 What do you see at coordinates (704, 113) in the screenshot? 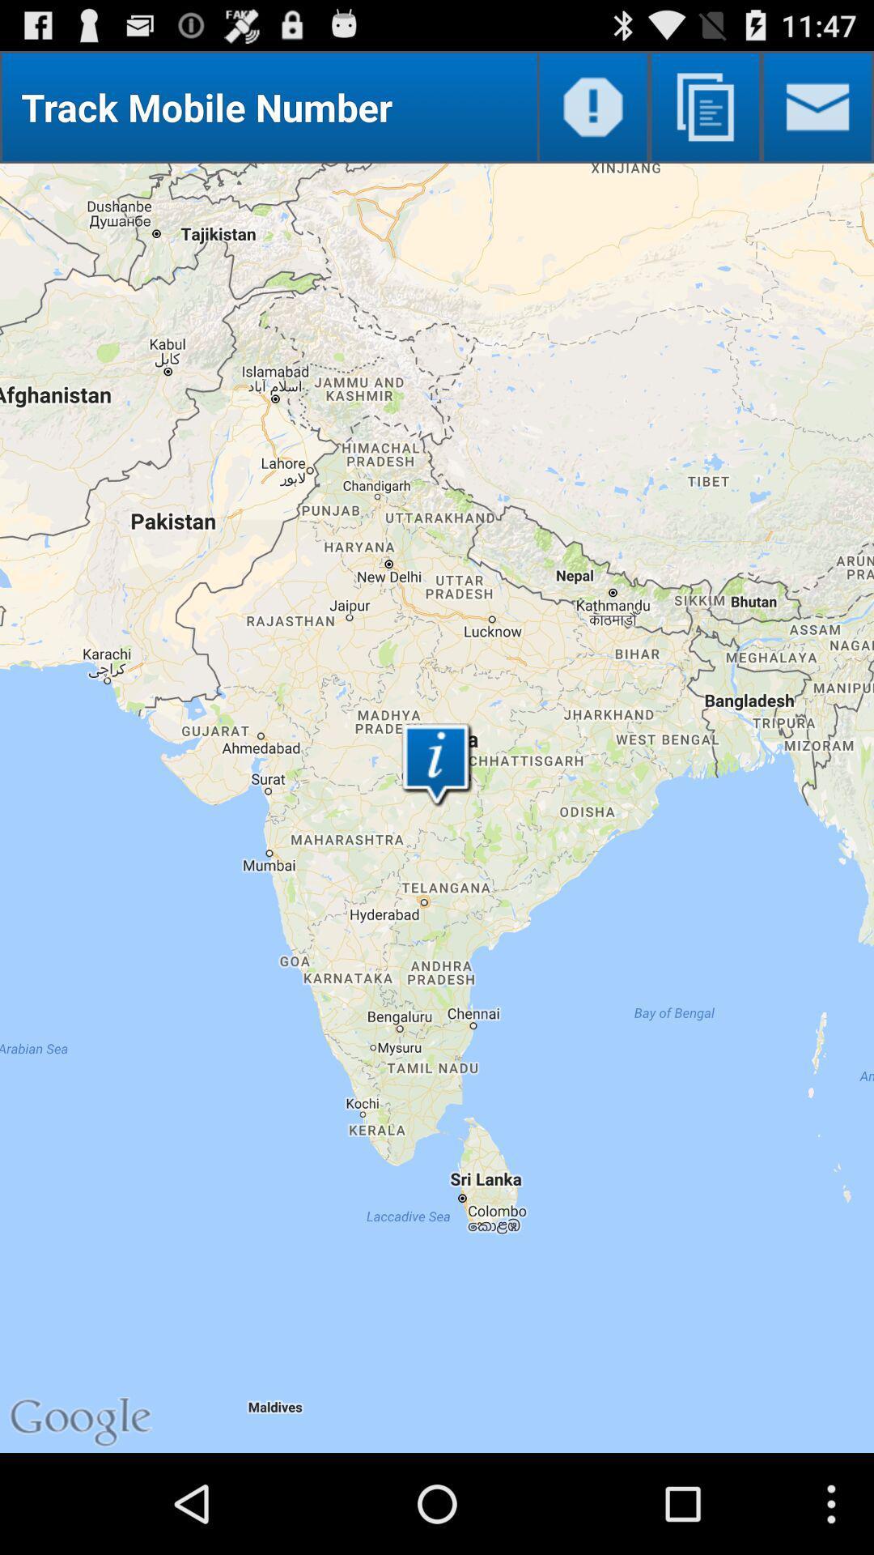
I see `the copy icon` at bounding box center [704, 113].